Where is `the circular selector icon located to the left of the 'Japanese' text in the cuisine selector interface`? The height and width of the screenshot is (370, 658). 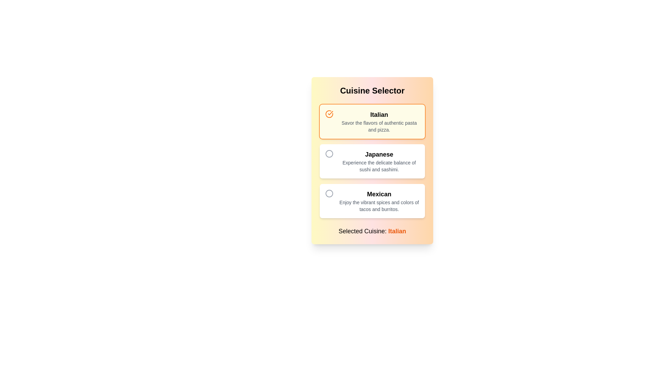 the circular selector icon located to the left of the 'Japanese' text in the cuisine selector interface is located at coordinates (329, 153).